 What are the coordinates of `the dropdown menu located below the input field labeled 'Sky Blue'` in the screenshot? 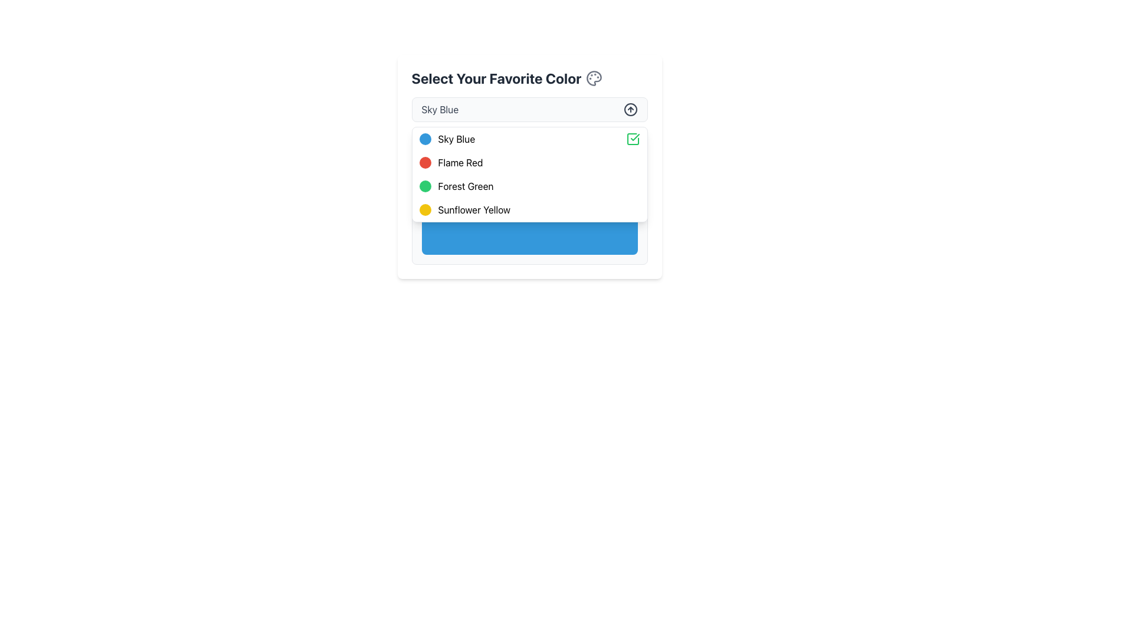 It's located at (529, 175).